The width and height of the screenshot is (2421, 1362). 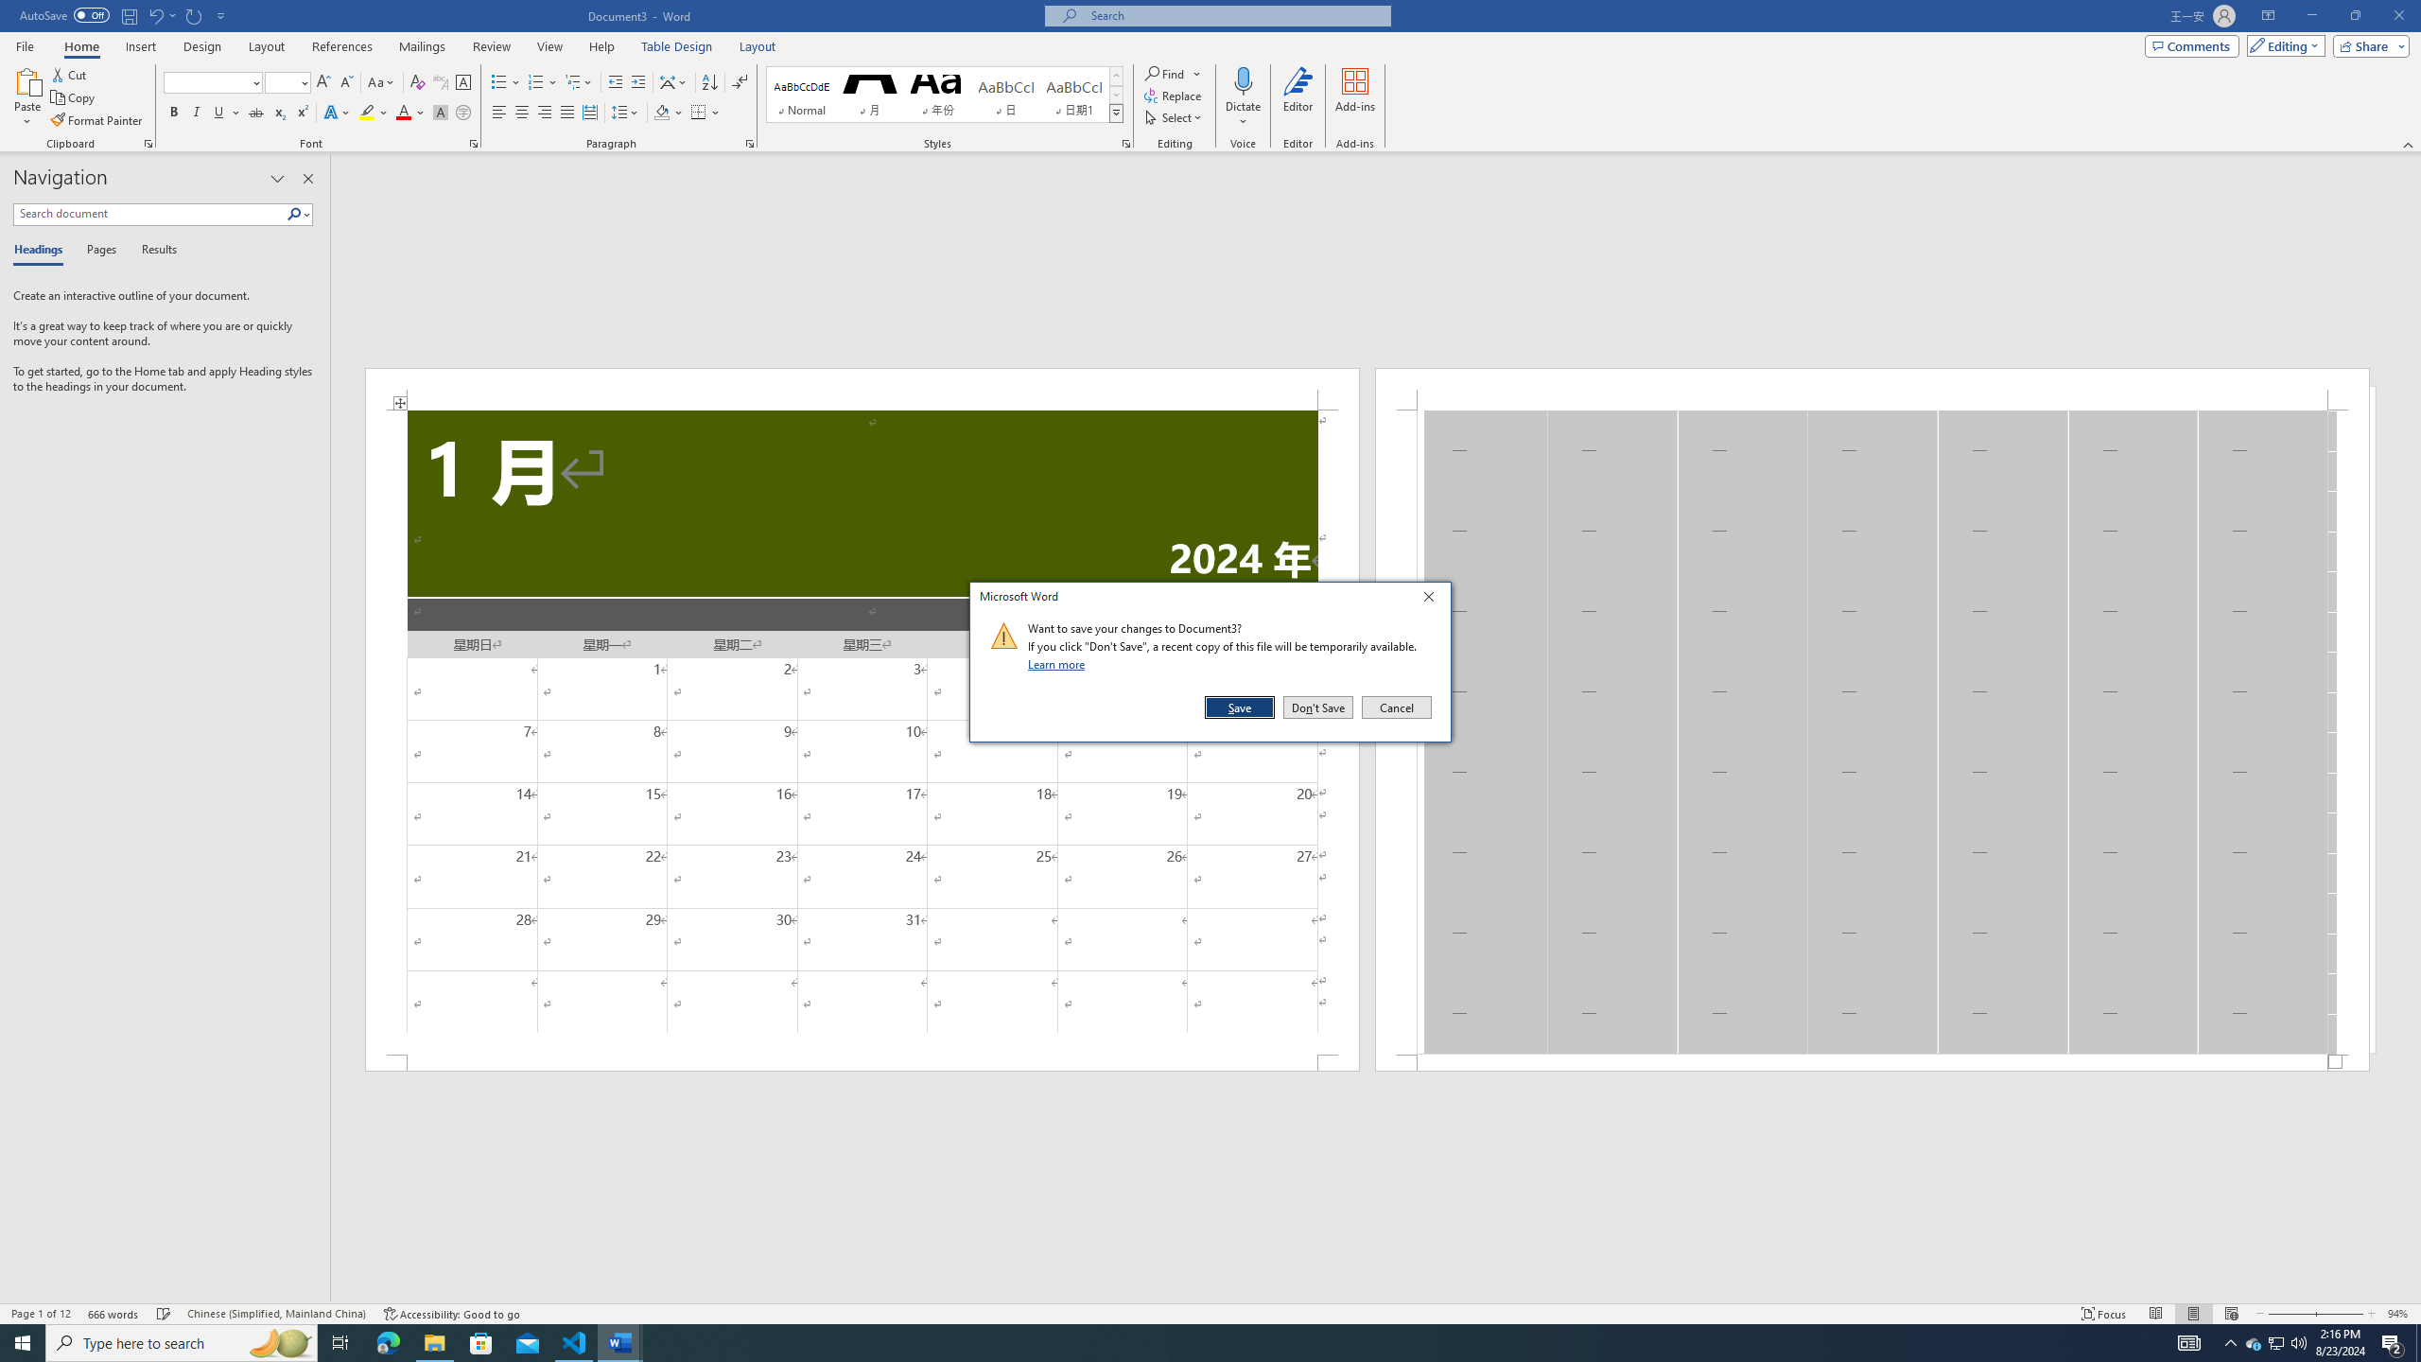 What do you see at coordinates (1872, 1061) in the screenshot?
I see `'Footer -Section 1-'` at bounding box center [1872, 1061].